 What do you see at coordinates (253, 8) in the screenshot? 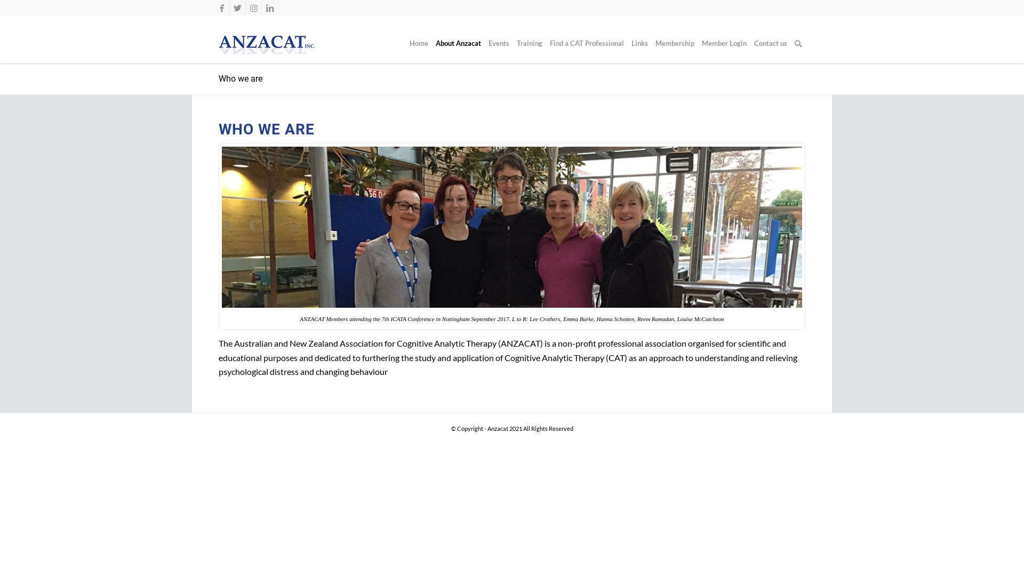
I see `'Instagram'` at bounding box center [253, 8].